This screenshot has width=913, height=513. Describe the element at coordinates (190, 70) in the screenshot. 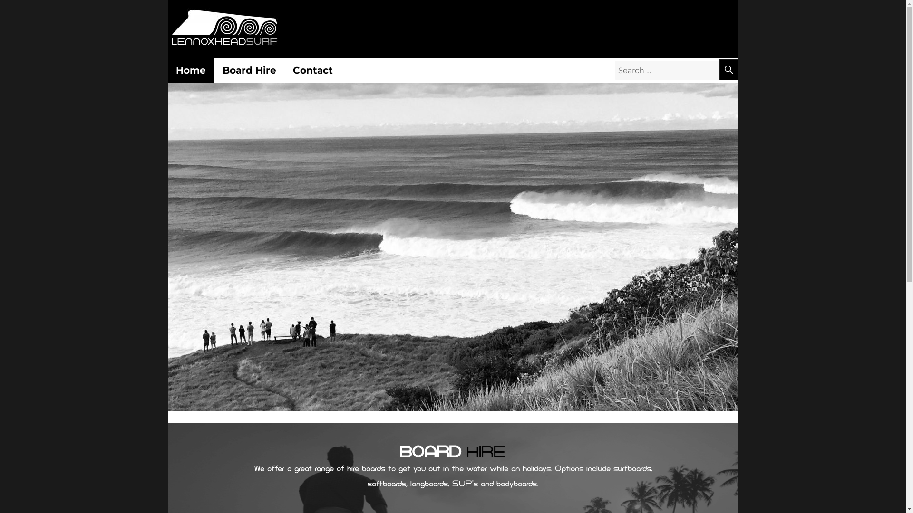

I see `'Home'` at that location.